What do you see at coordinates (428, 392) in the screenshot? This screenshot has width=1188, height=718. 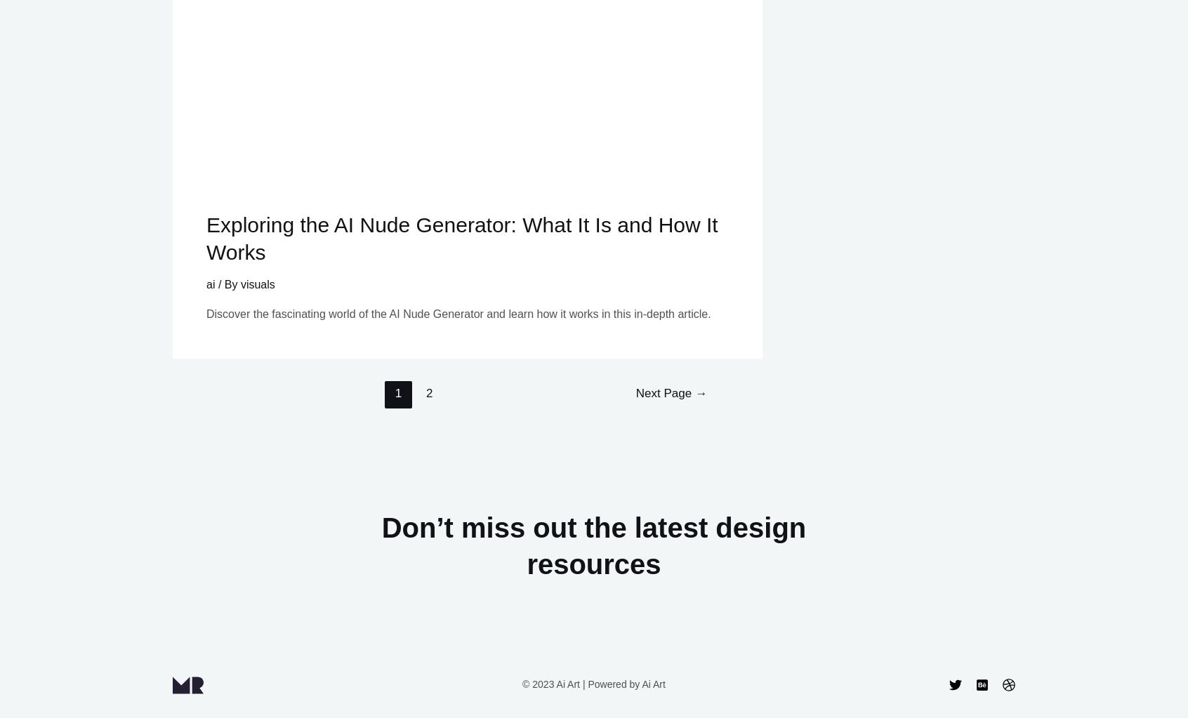 I see `'2'` at bounding box center [428, 392].